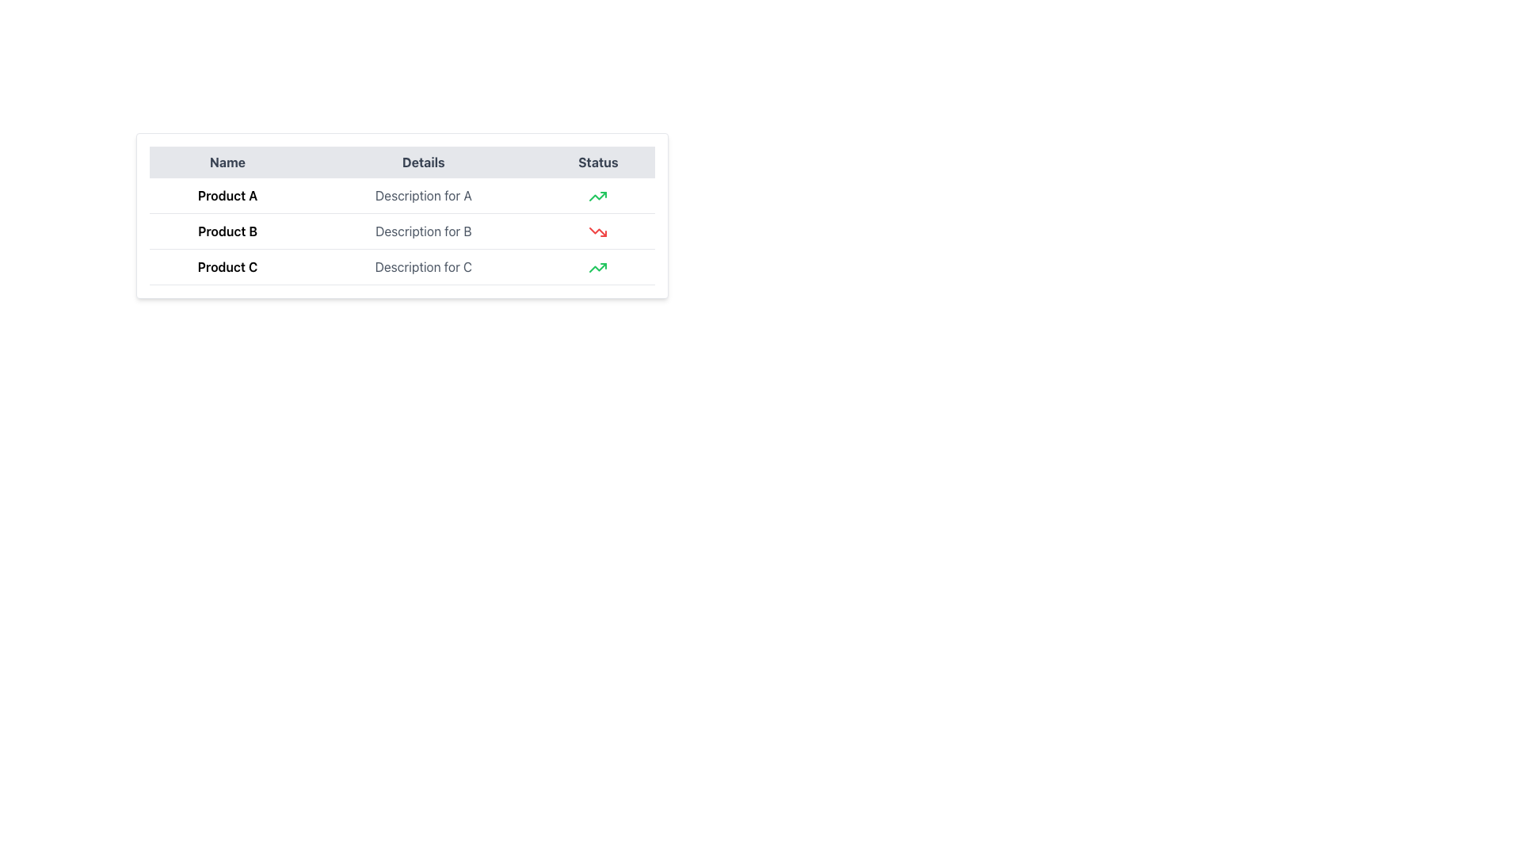 The width and height of the screenshot is (1521, 856). I want to click on the upward trend icon in the 'Status' column of the row labeled 'Product C', so click(597, 196).